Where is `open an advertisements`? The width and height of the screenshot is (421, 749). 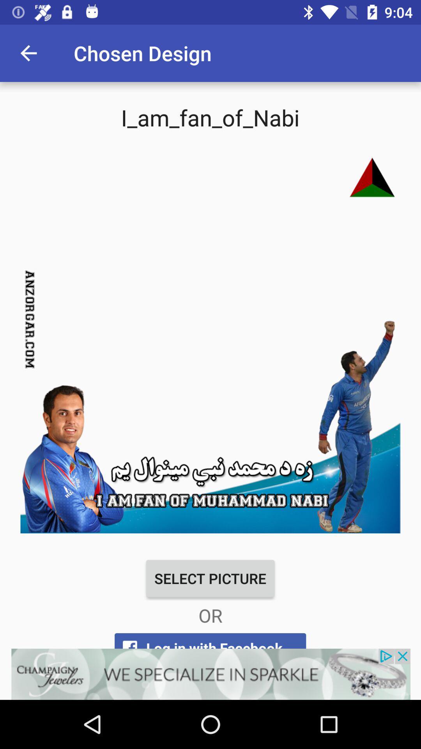 open an advertisements is located at coordinates (210, 674).